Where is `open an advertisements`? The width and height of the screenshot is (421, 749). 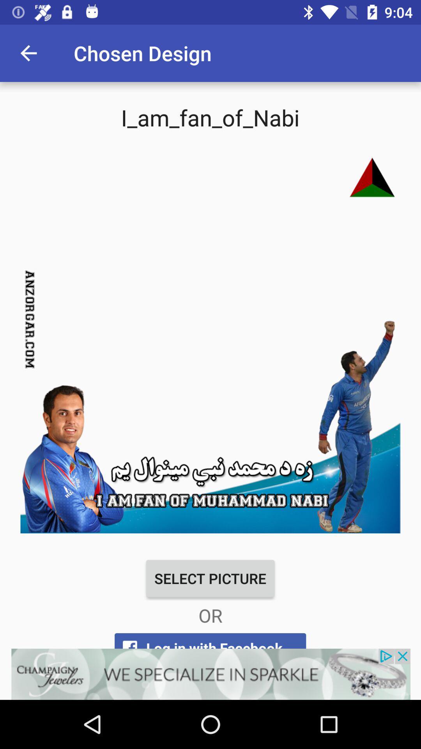 open an advertisements is located at coordinates (210, 674).